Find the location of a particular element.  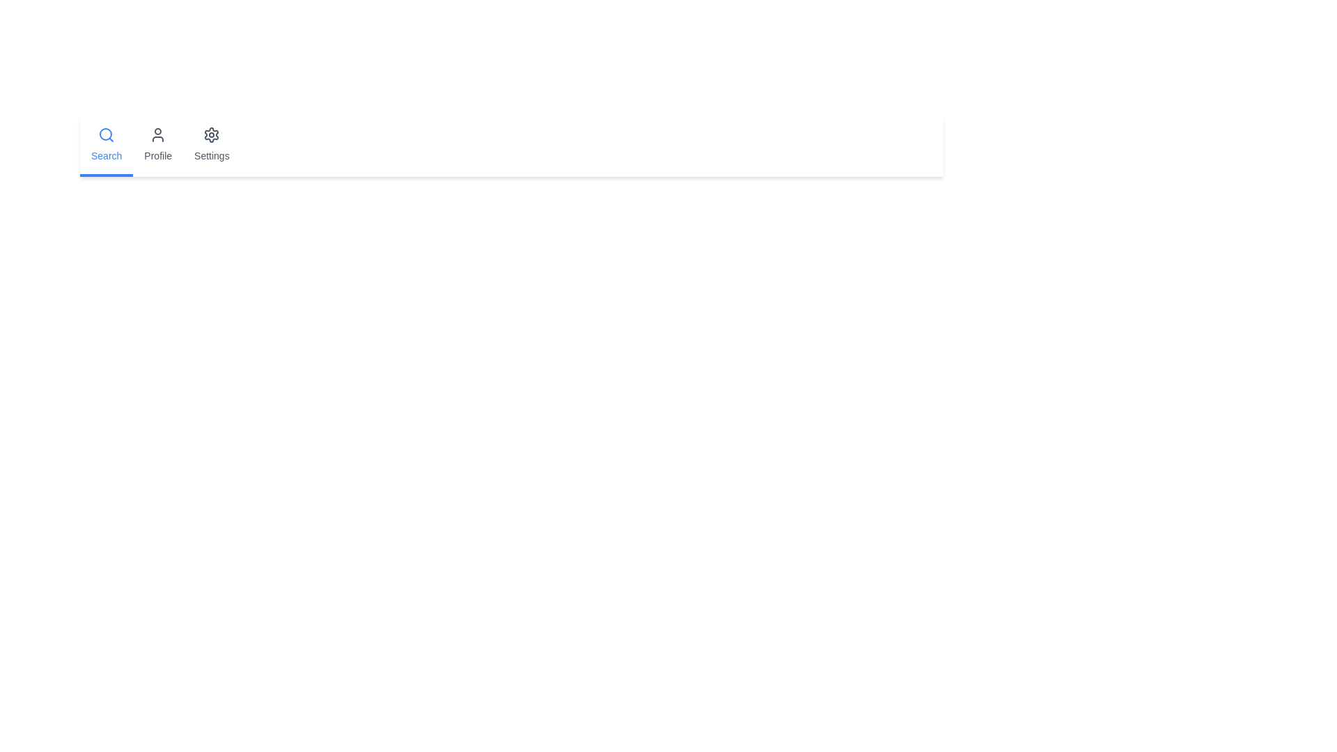

the 'Settings' button, which is the third option in the navigation bar, to change its color is located at coordinates (211, 146).